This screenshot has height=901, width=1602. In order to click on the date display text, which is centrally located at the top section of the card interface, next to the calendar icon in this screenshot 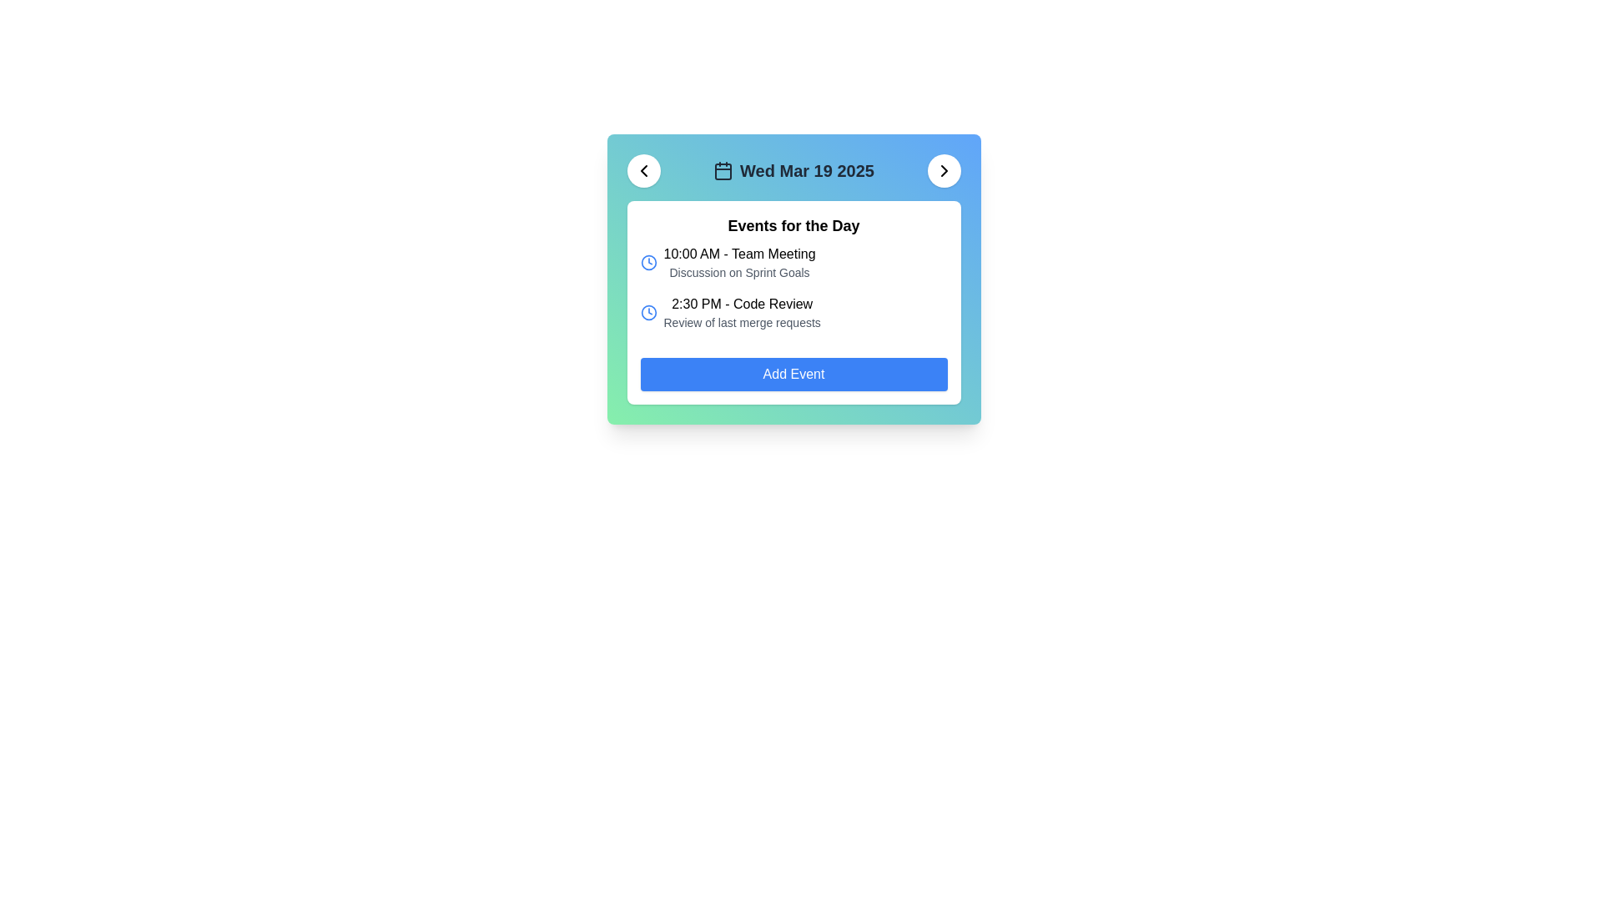, I will do `click(807, 170)`.